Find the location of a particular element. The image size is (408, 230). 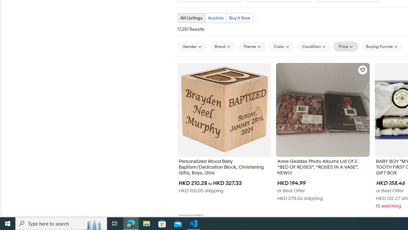

'Gender' is located at coordinates (192, 46).